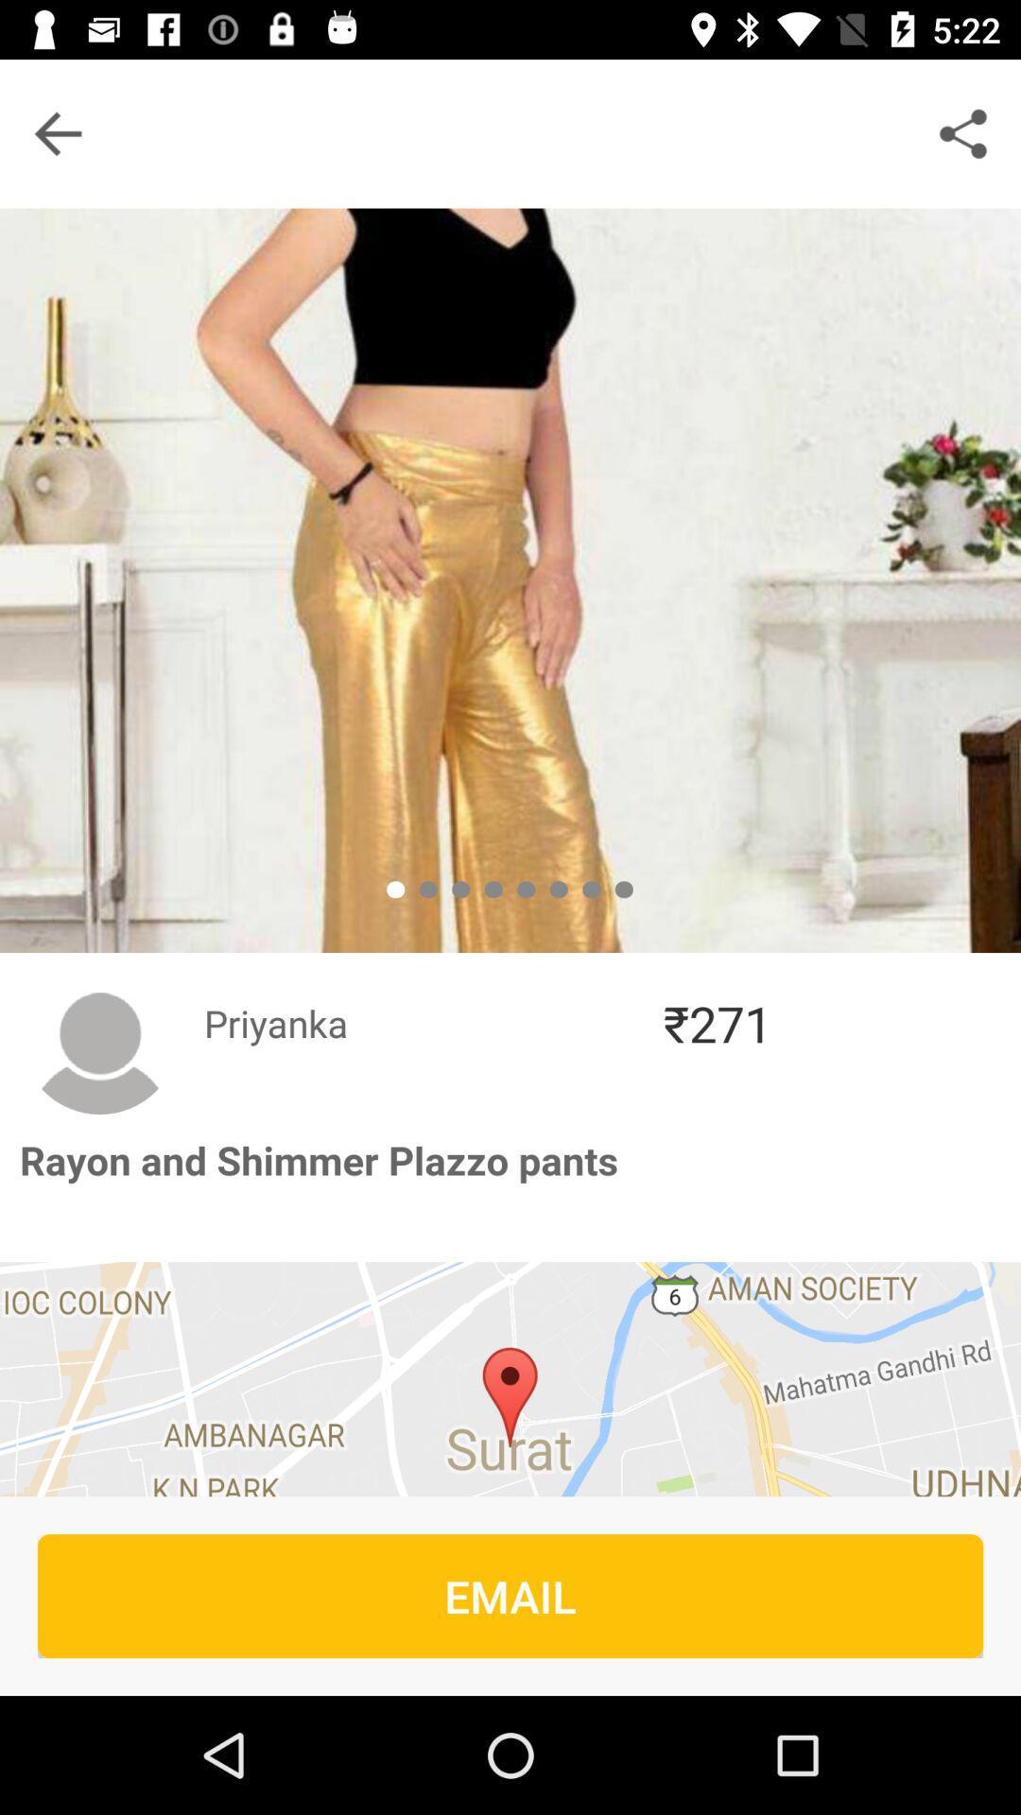  I want to click on the avatar icon, so click(102, 1034).